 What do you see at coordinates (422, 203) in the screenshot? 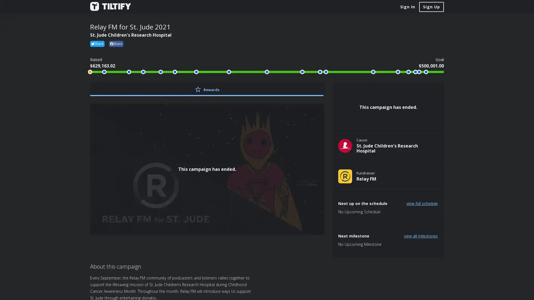
I see `view full schedule` at bounding box center [422, 203].